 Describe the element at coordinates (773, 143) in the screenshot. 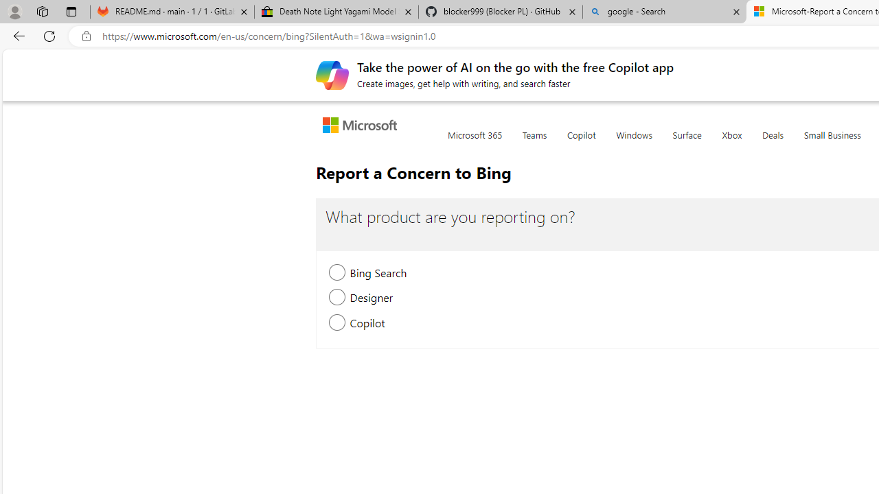

I see `'Deals'` at that location.